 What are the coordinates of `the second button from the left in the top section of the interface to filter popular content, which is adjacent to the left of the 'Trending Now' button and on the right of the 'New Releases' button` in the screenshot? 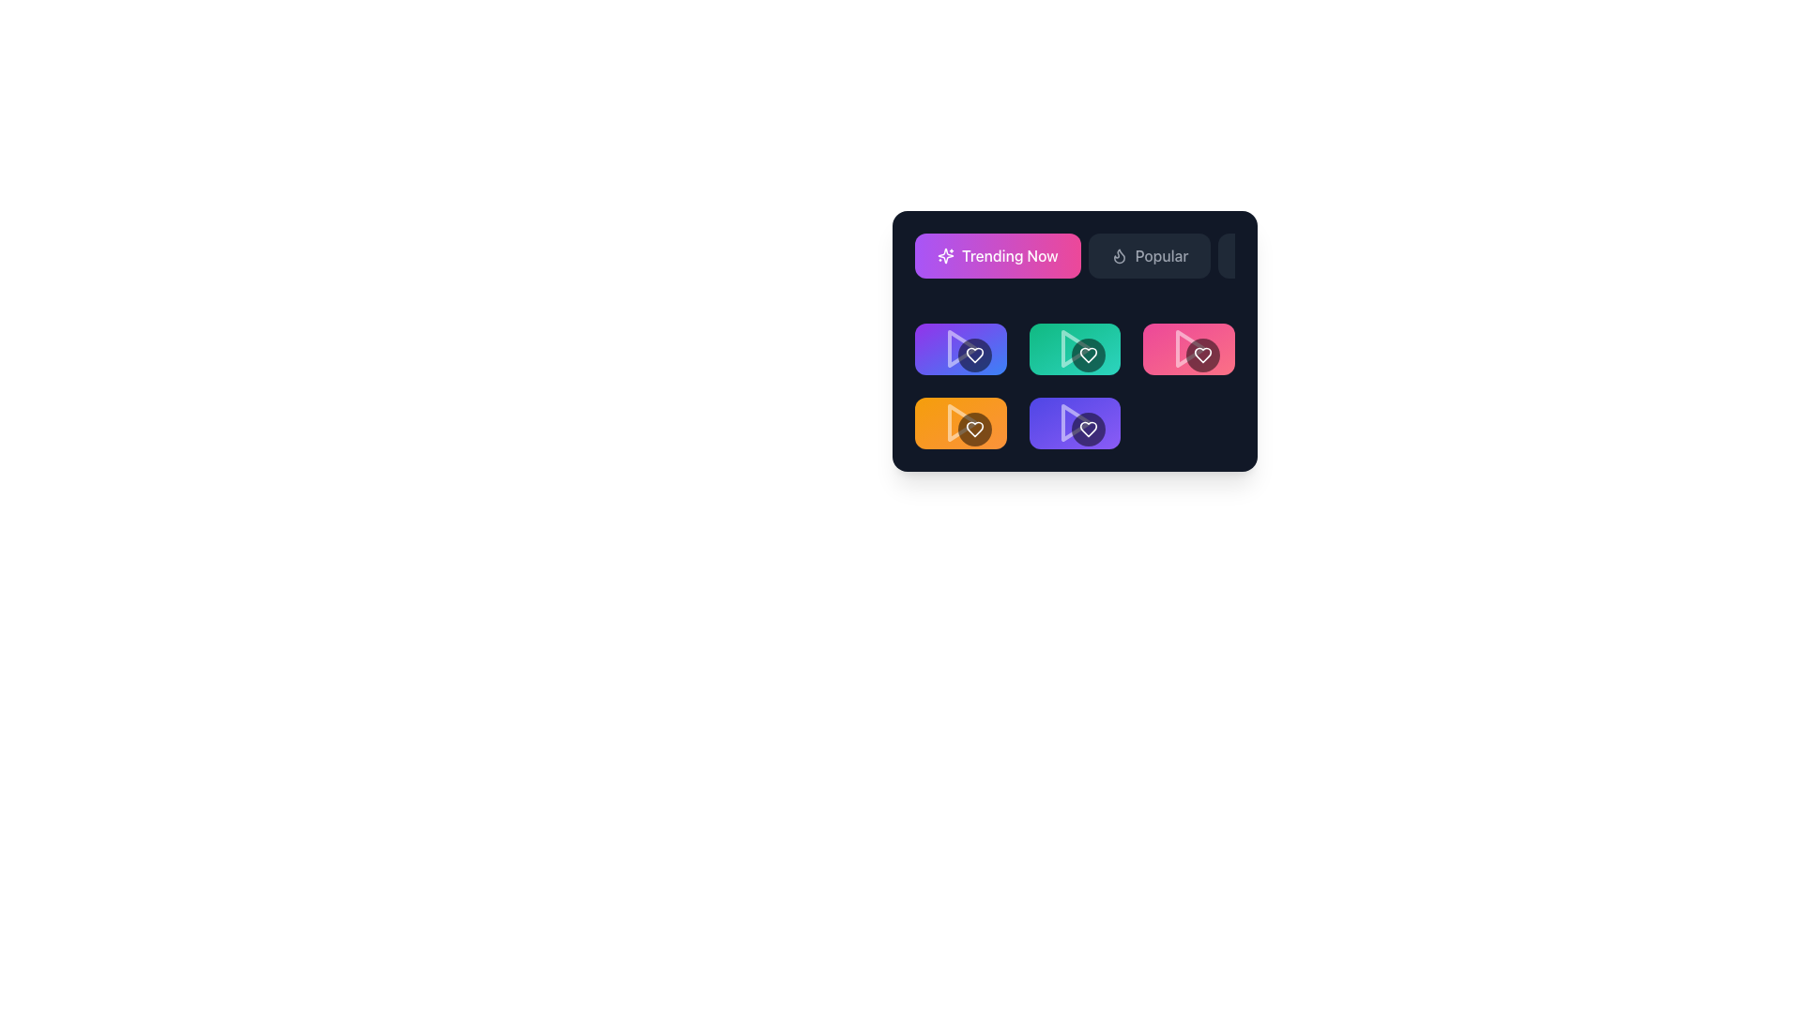 It's located at (1148, 256).